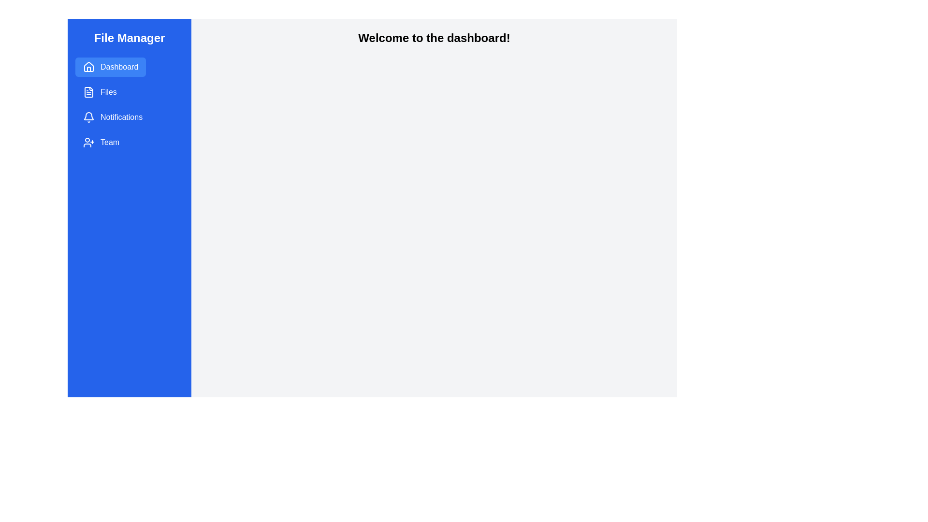 The height and width of the screenshot is (522, 928). What do you see at coordinates (88, 117) in the screenshot?
I see `the bell icon with a thin outline in white color on a blue background, located to the left of the 'Notifications' text in the vertical navigation menu` at bounding box center [88, 117].